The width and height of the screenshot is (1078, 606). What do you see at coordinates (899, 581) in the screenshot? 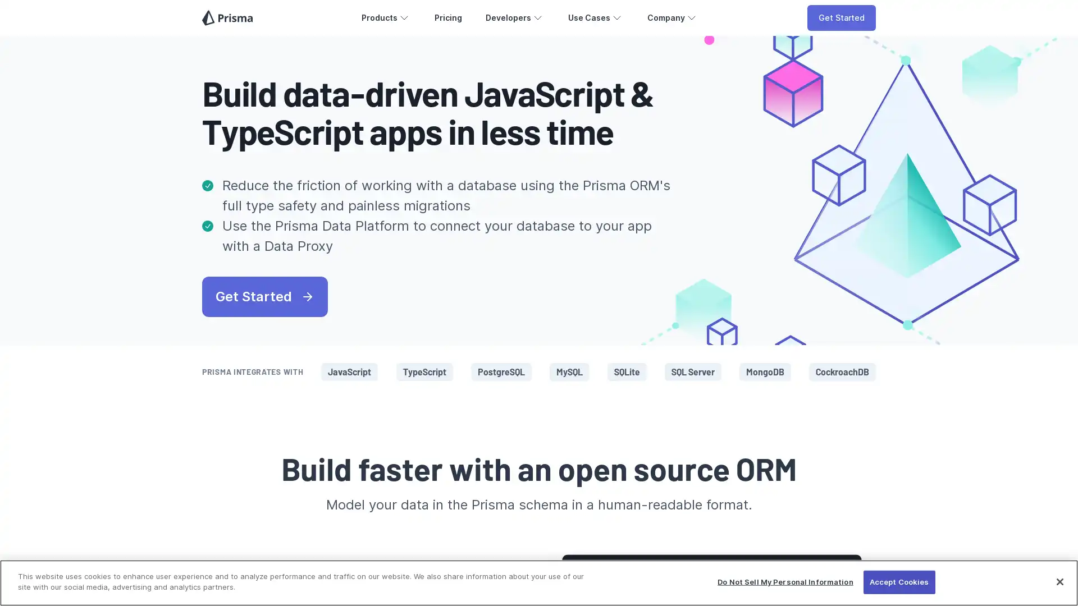
I see `Accept Cookies` at bounding box center [899, 581].